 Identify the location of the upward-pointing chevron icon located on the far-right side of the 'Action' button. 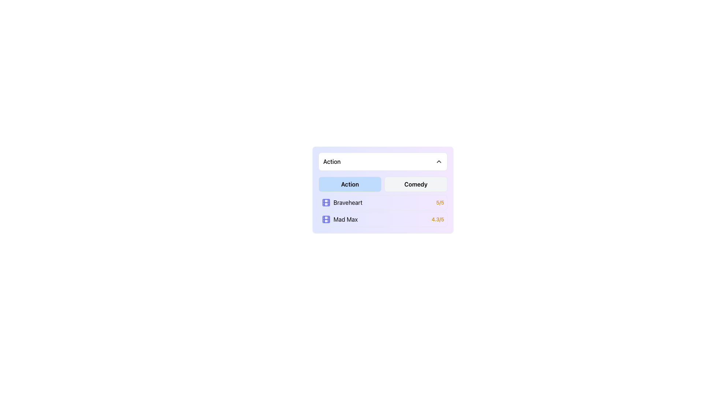
(439, 161).